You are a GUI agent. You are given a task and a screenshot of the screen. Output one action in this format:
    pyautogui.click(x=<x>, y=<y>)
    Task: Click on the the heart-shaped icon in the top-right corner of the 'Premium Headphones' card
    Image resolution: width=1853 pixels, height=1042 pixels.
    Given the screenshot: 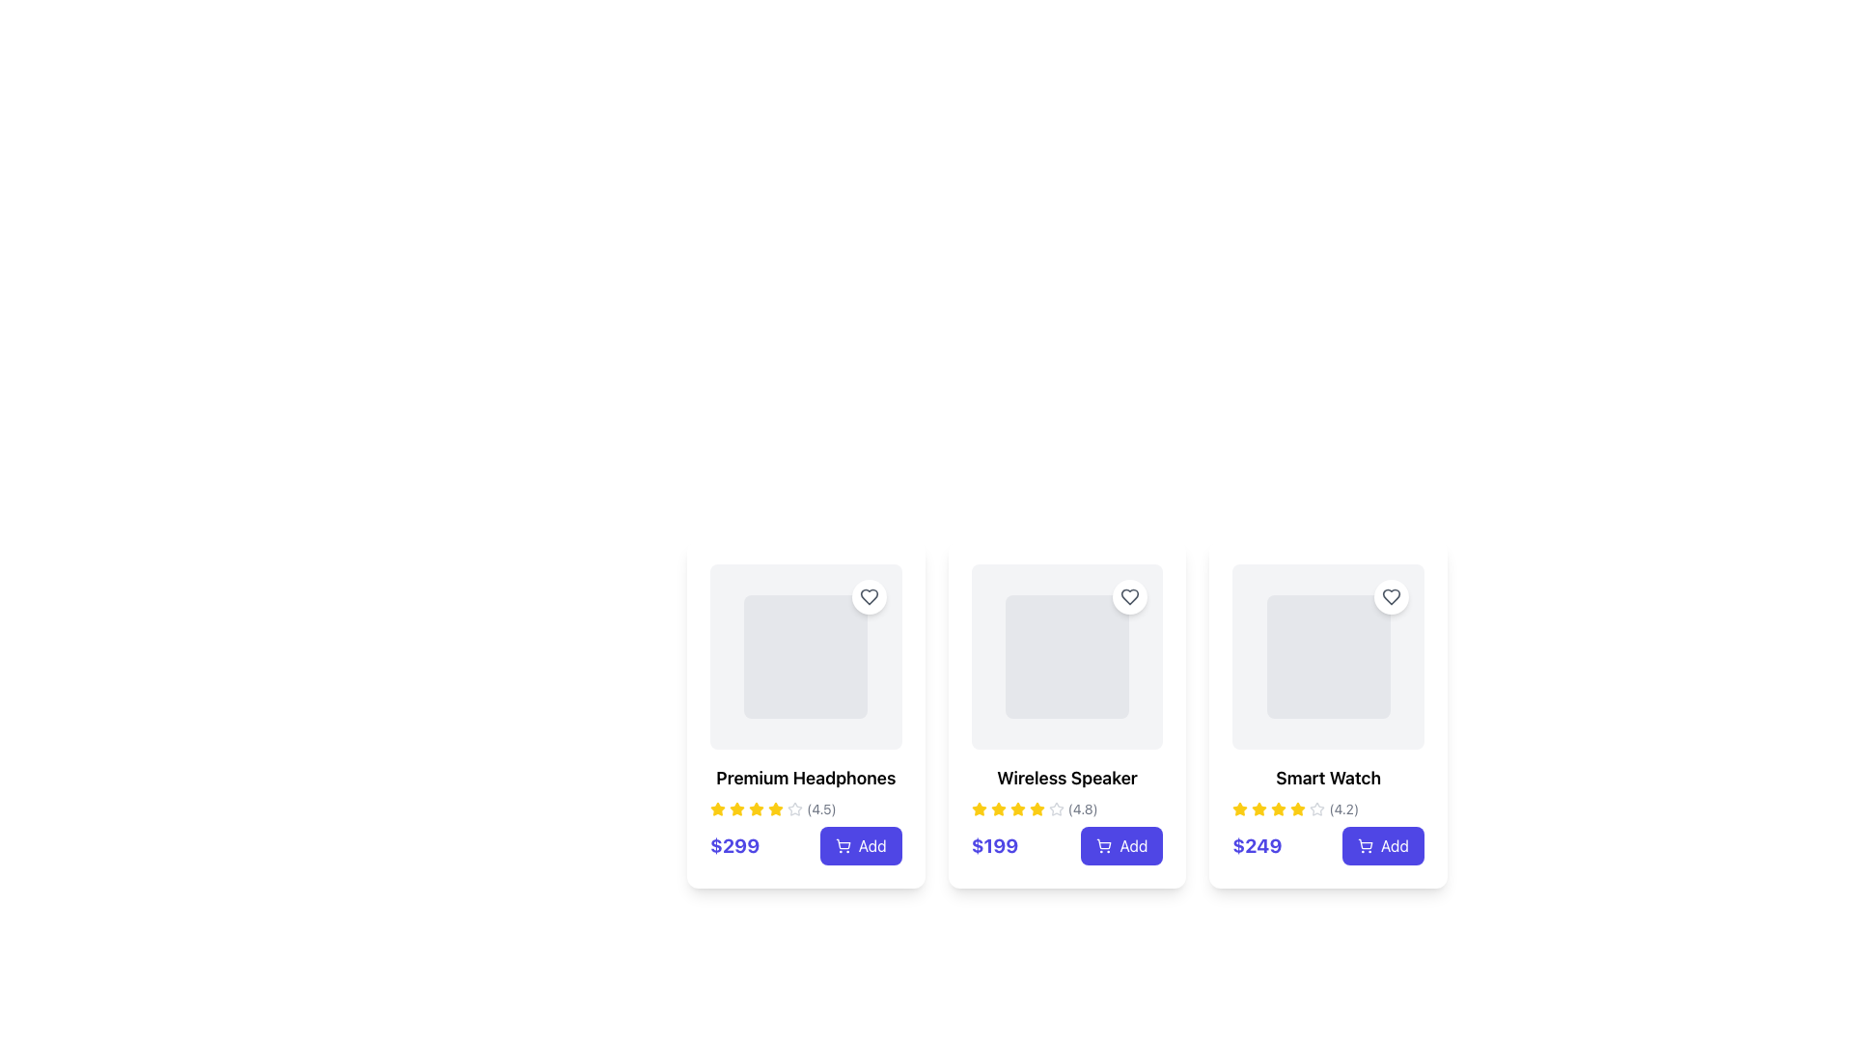 What is the action you would take?
    pyautogui.click(x=868, y=595)
    